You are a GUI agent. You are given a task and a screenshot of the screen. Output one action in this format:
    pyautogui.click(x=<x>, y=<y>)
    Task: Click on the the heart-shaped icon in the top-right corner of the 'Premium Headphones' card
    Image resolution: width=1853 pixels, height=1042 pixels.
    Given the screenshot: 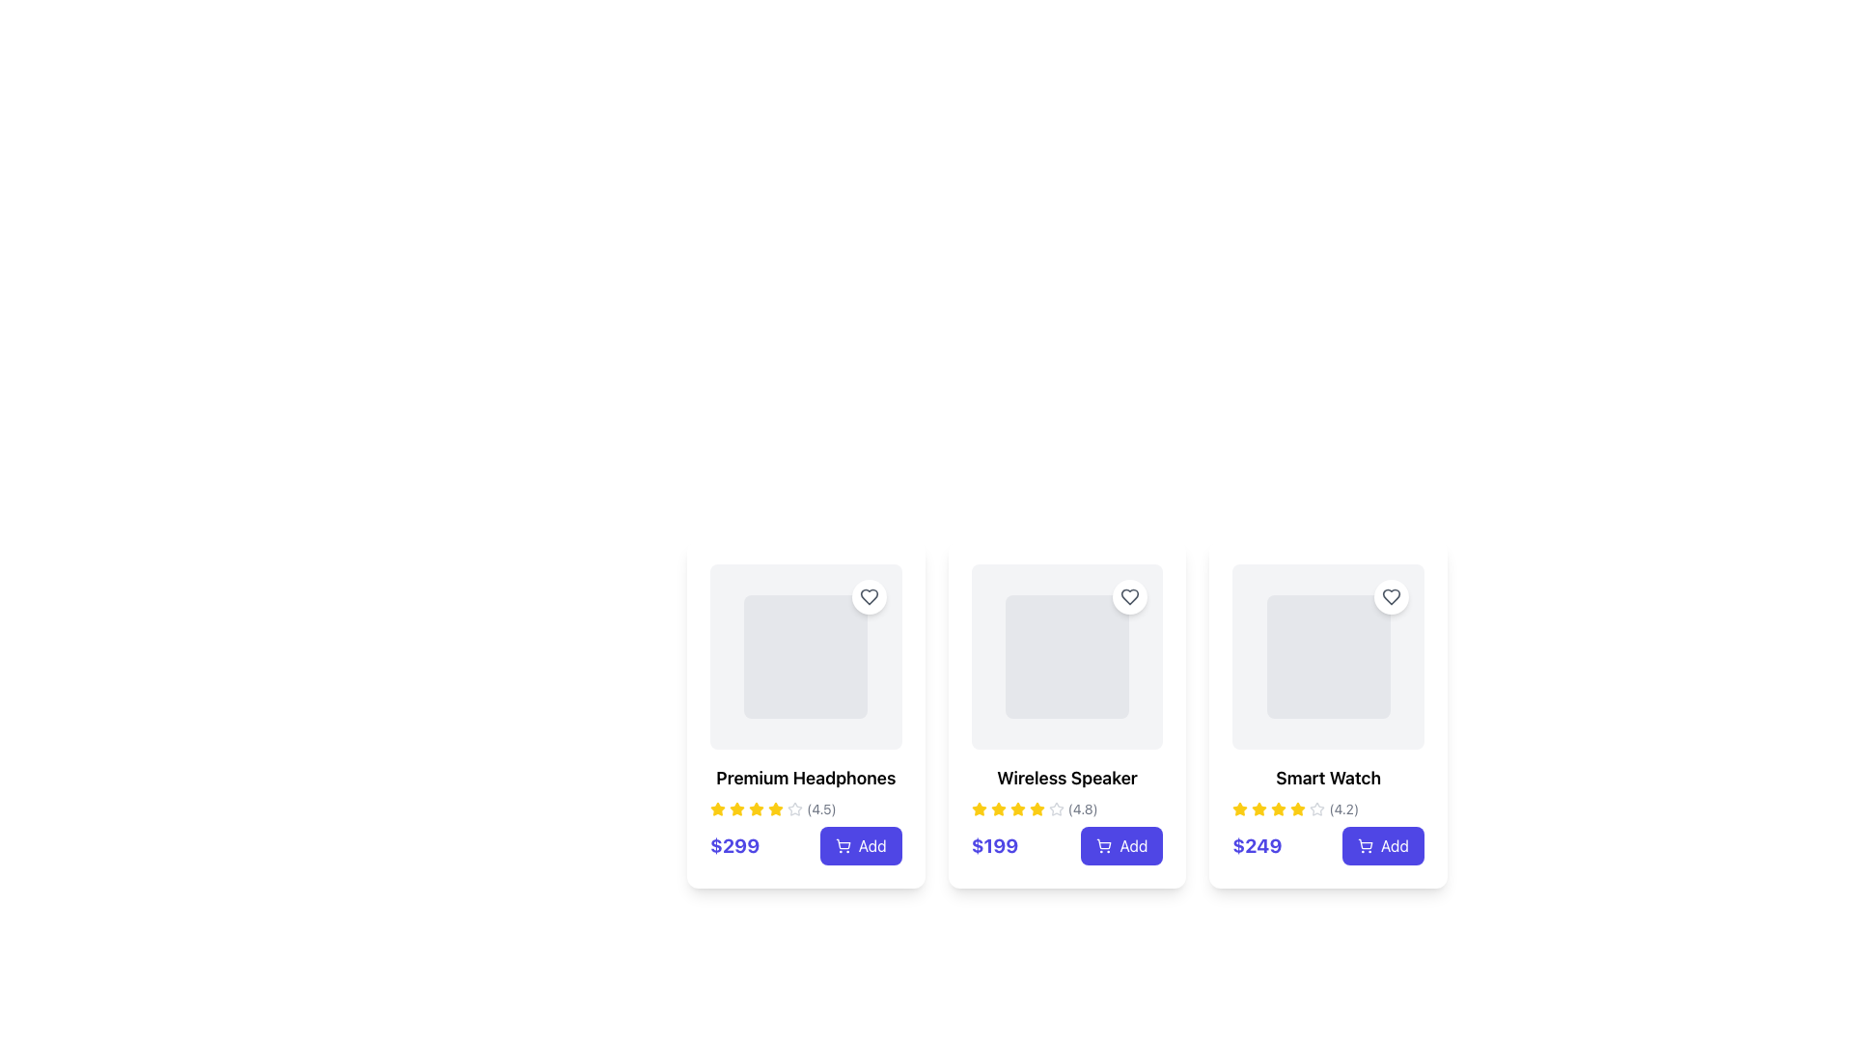 What is the action you would take?
    pyautogui.click(x=868, y=595)
    